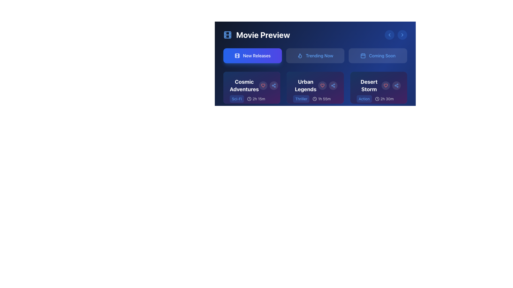  Describe the element at coordinates (315, 99) in the screenshot. I see `the circular SVG shape that serves as a decorative component for the clock icon within the 'Urban Legends' card component` at that location.